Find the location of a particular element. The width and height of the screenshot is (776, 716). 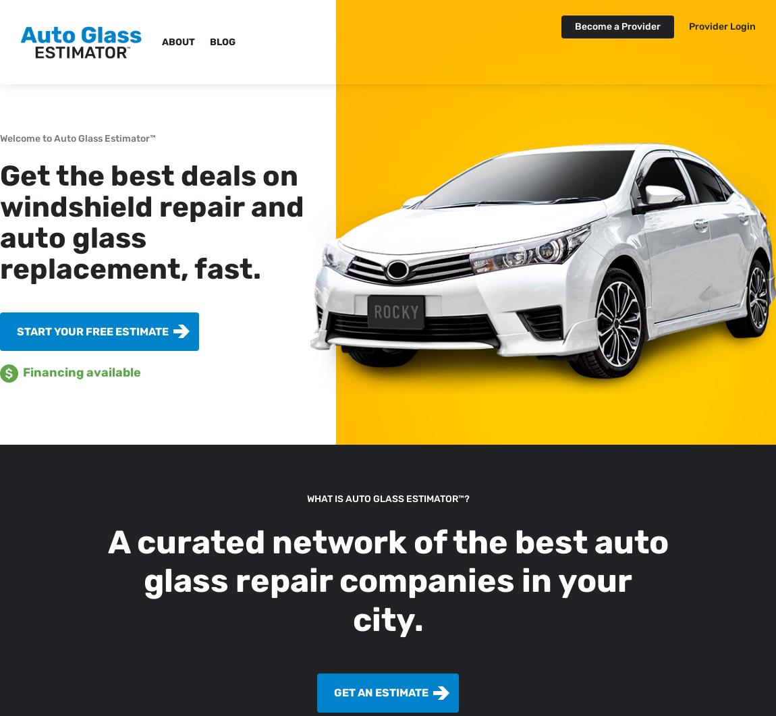

'A curated network of the best' is located at coordinates (350, 541).